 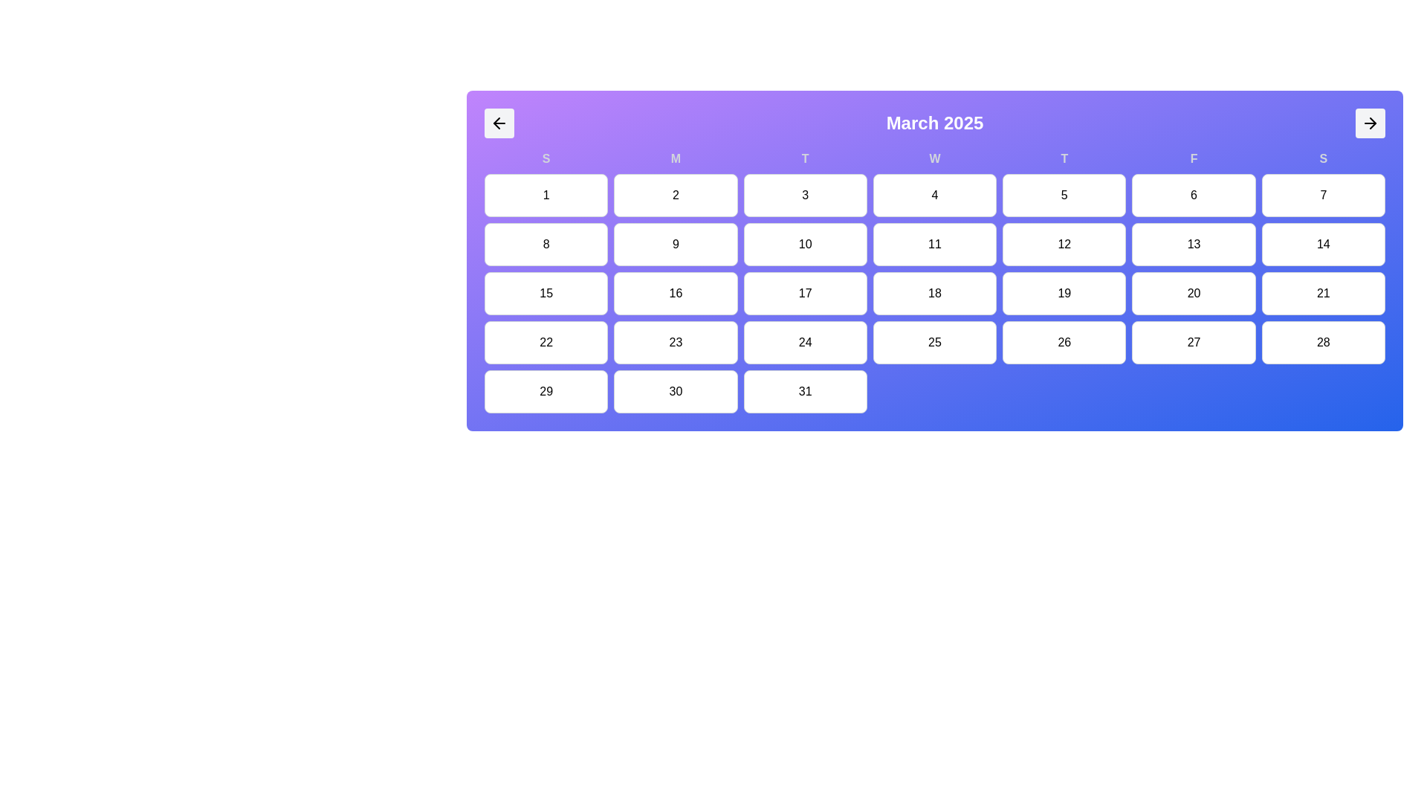 I want to click on the square button with a white background and the bold number '4' centered in it, so click(x=933, y=194).